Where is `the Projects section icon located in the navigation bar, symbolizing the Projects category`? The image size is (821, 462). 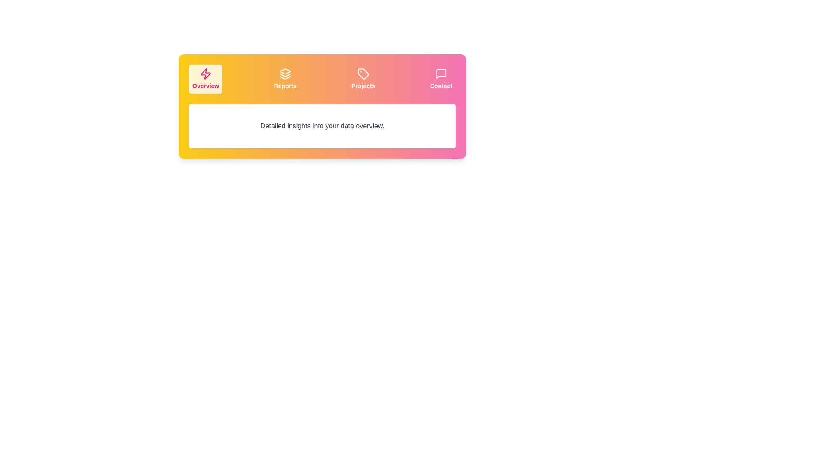
the Projects section icon located in the navigation bar, symbolizing the Projects category is located at coordinates (363, 74).